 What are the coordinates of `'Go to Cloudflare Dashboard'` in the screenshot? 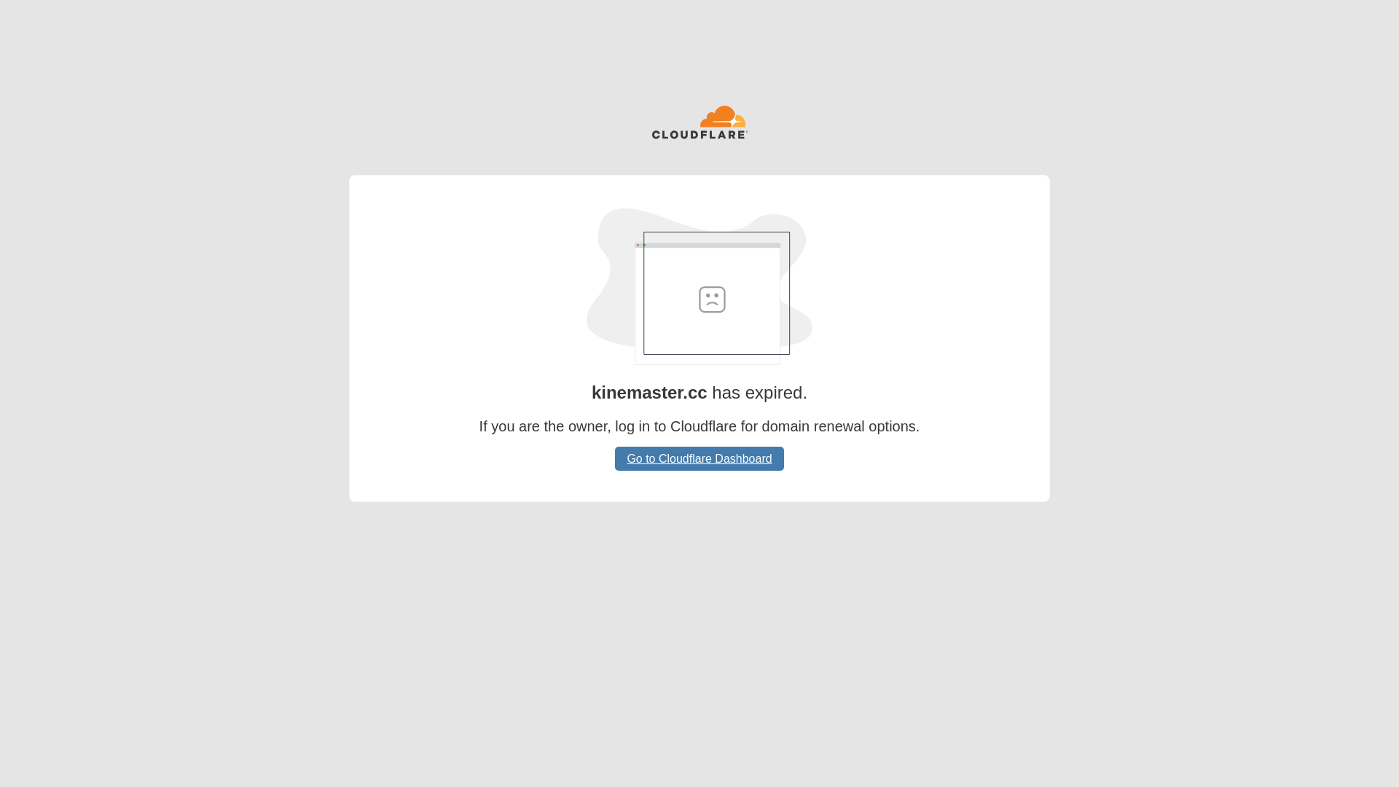 It's located at (698, 458).